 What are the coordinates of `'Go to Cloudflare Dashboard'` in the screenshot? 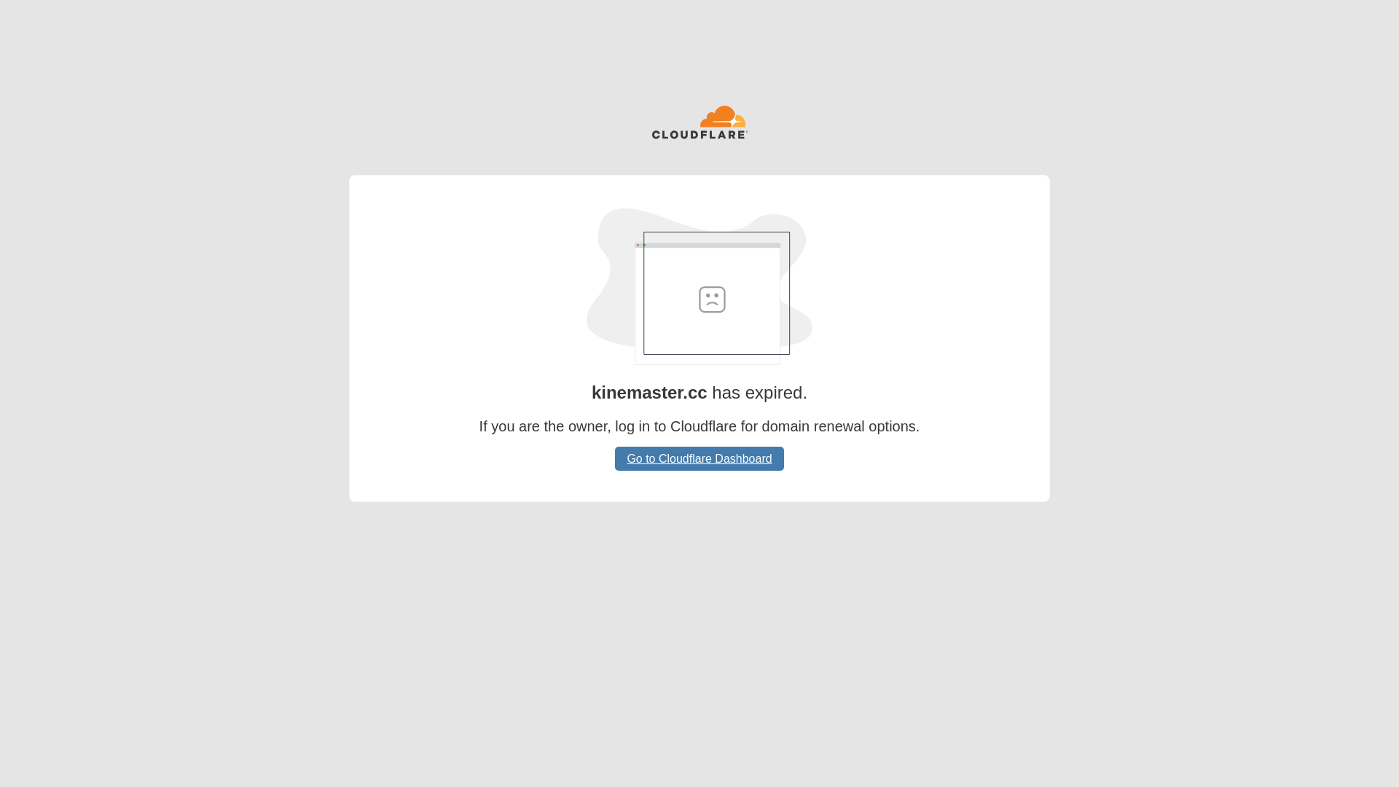 It's located at (698, 458).